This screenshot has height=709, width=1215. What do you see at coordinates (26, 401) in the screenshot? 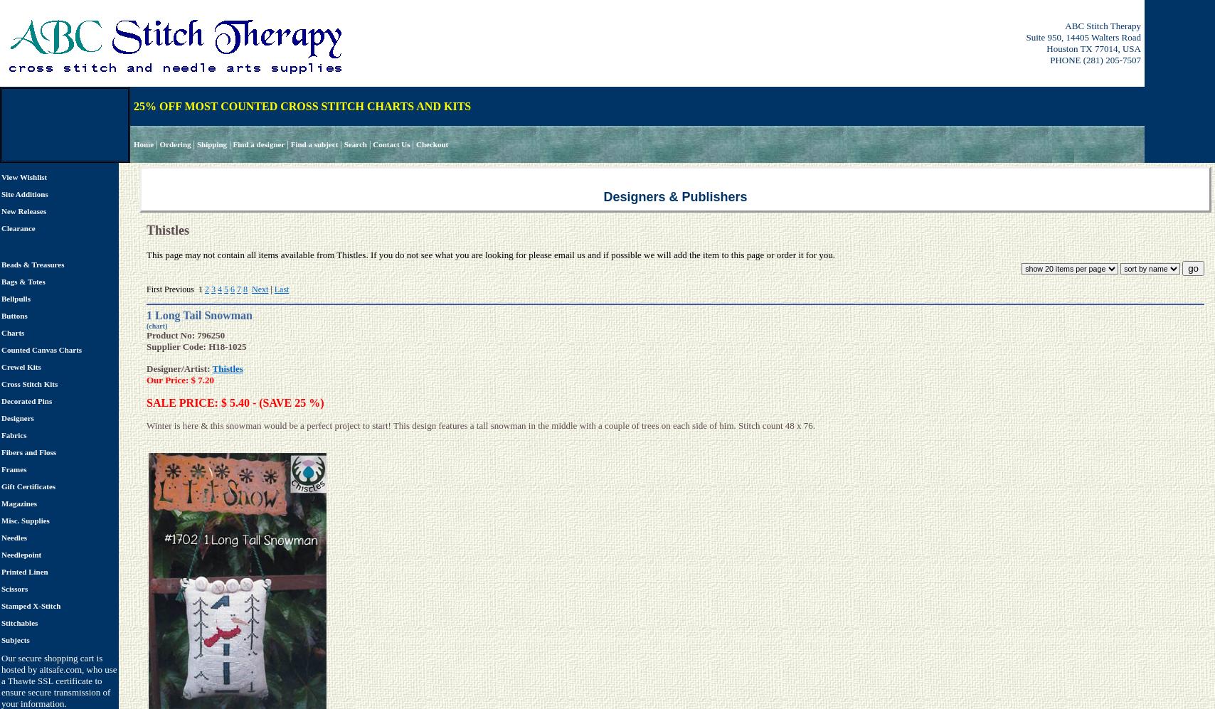
I see `'Decorated Pins'` at bounding box center [26, 401].